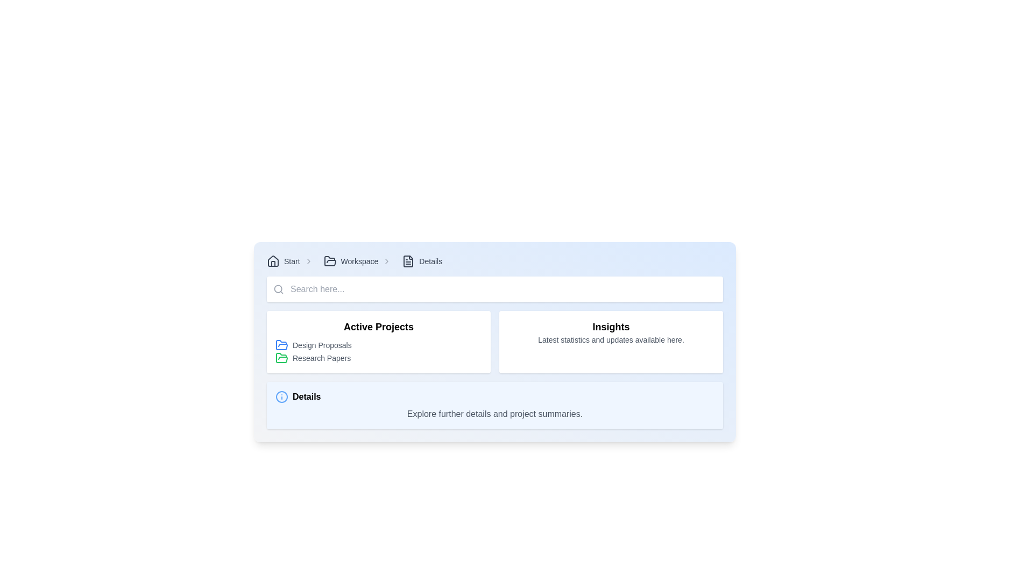  What do you see at coordinates (306, 396) in the screenshot?
I see `'Details' text label, which is bold and semibold, located in the lower left section of the interface beneath 'Active Projects' and 'Insights'` at bounding box center [306, 396].